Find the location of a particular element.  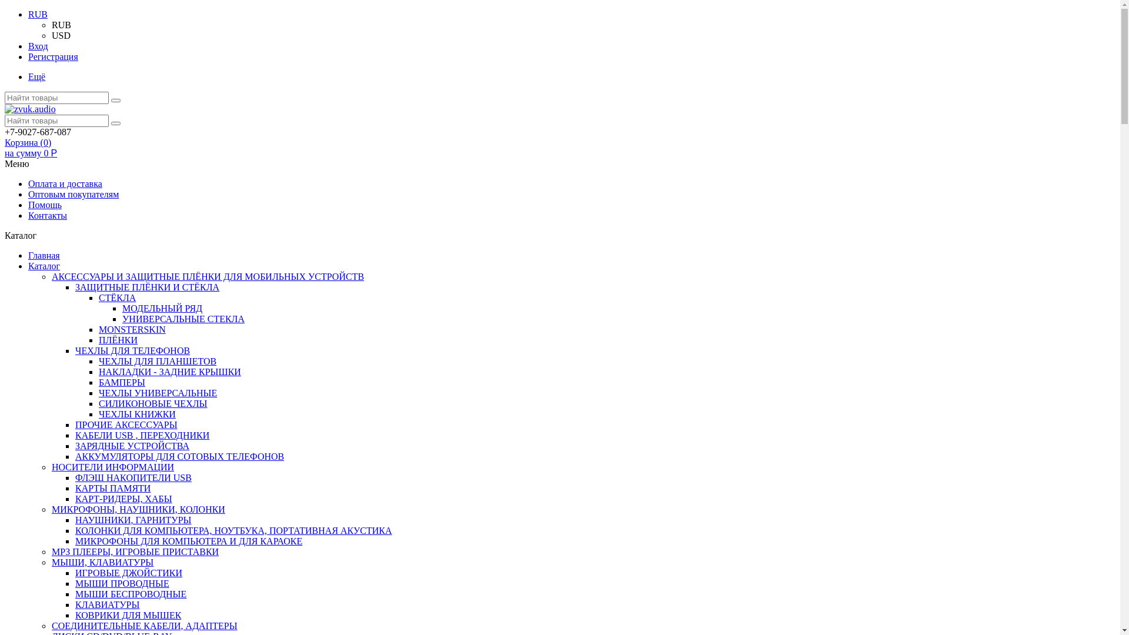

'USD' is located at coordinates (61, 35).